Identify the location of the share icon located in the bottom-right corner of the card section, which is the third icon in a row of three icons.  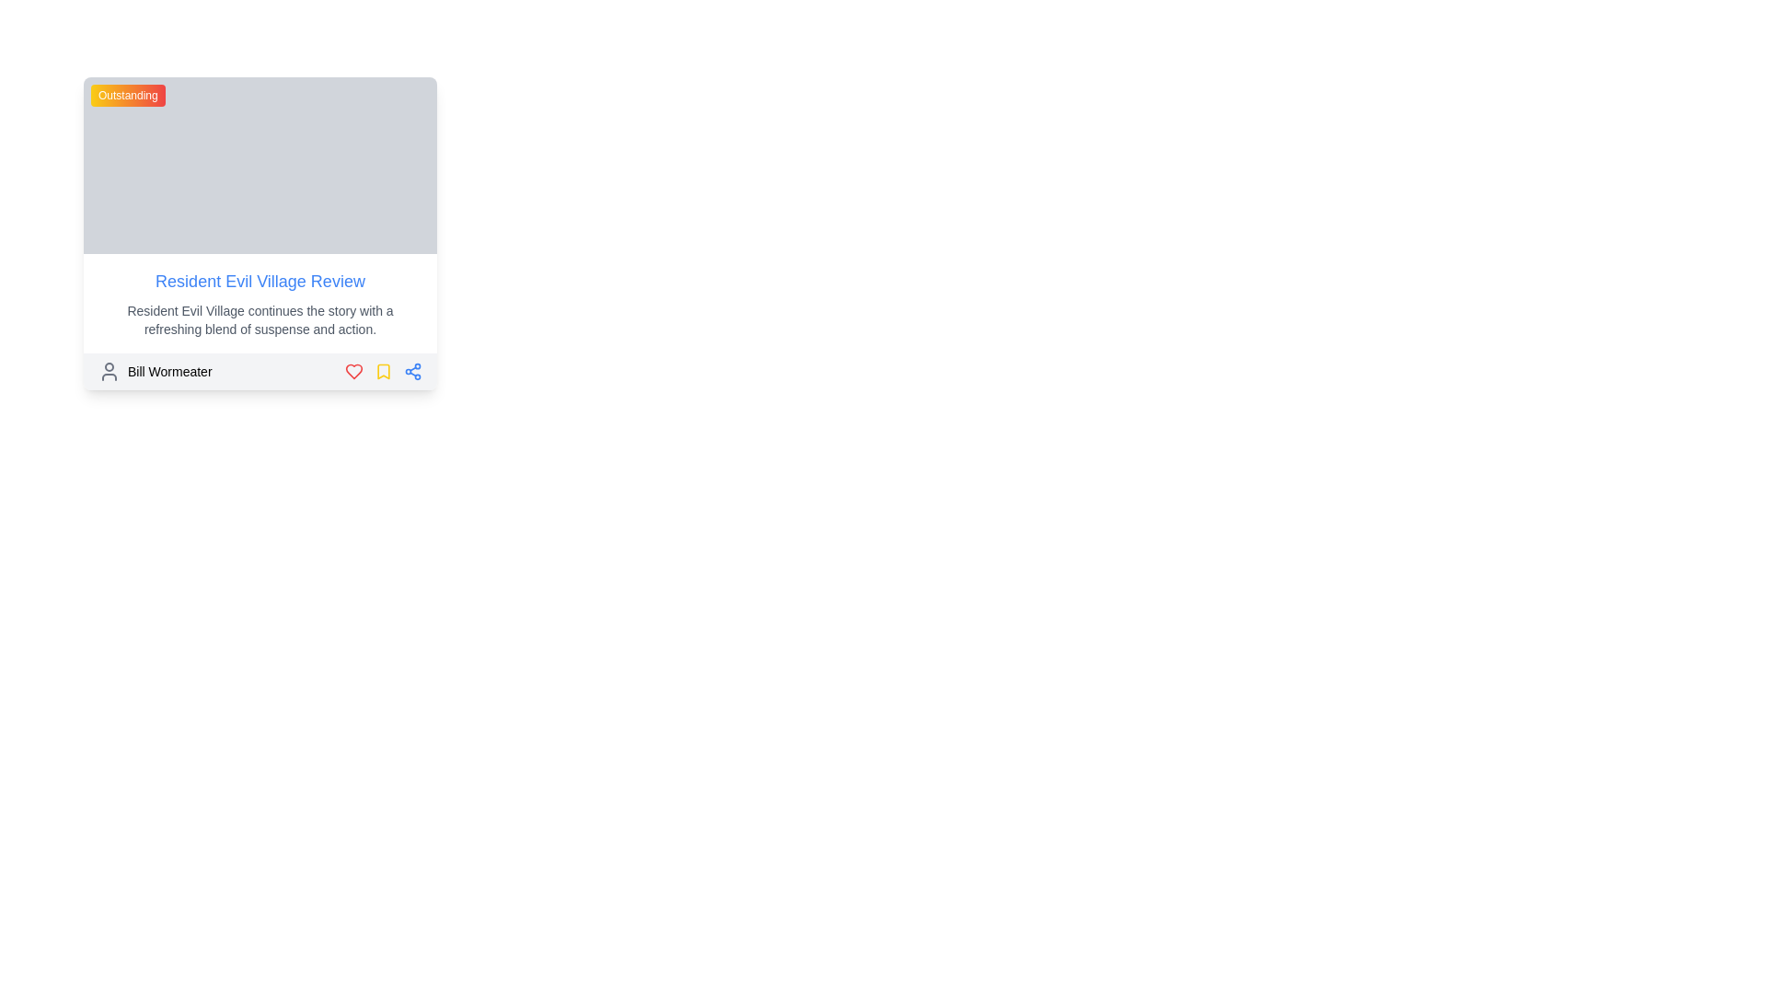
(412, 372).